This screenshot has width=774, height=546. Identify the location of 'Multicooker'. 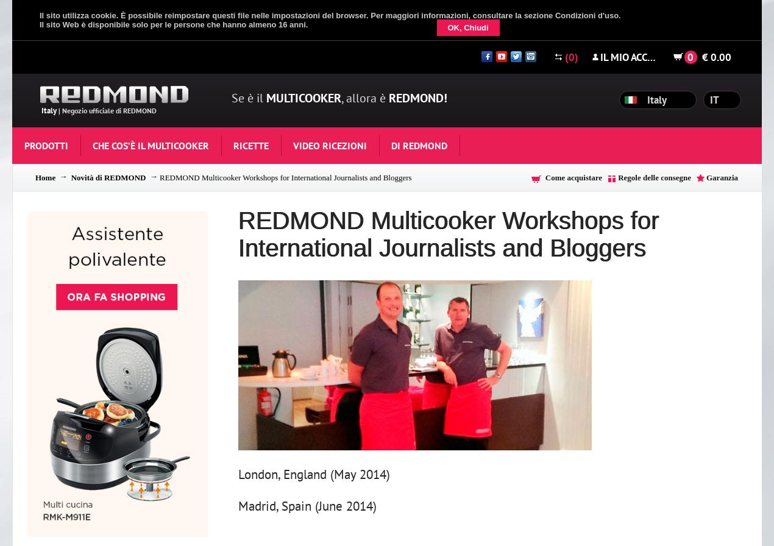
(304, 98).